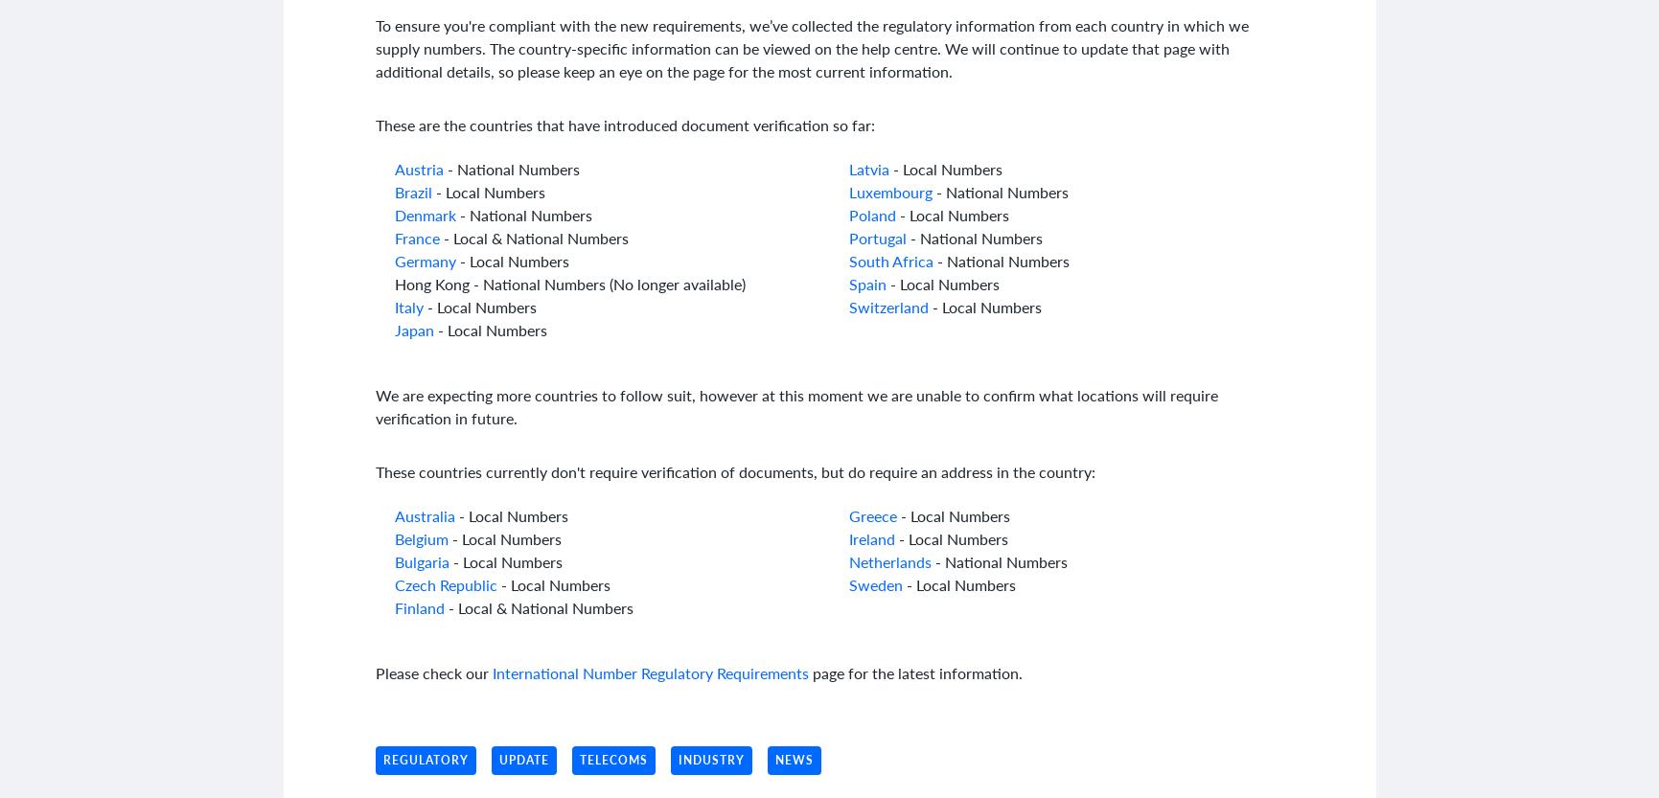  Describe the element at coordinates (375, 672) in the screenshot. I see `'Please check our'` at that location.